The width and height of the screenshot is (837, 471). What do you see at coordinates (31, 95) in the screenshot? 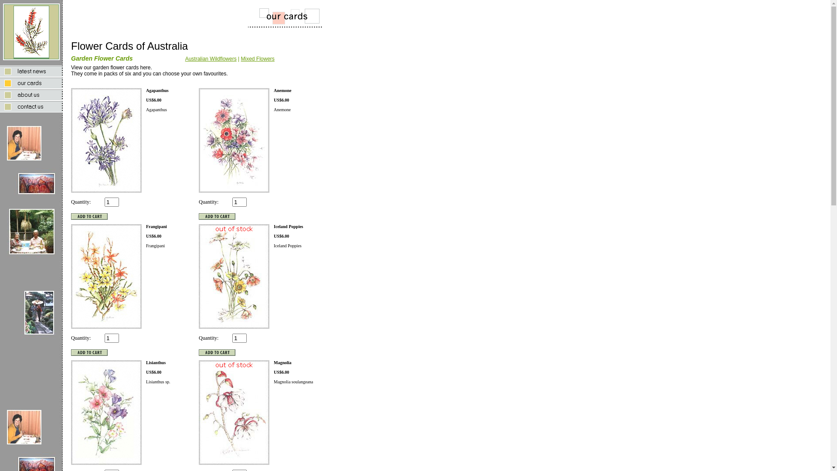
I see `'about us'` at bounding box center [31, 95].